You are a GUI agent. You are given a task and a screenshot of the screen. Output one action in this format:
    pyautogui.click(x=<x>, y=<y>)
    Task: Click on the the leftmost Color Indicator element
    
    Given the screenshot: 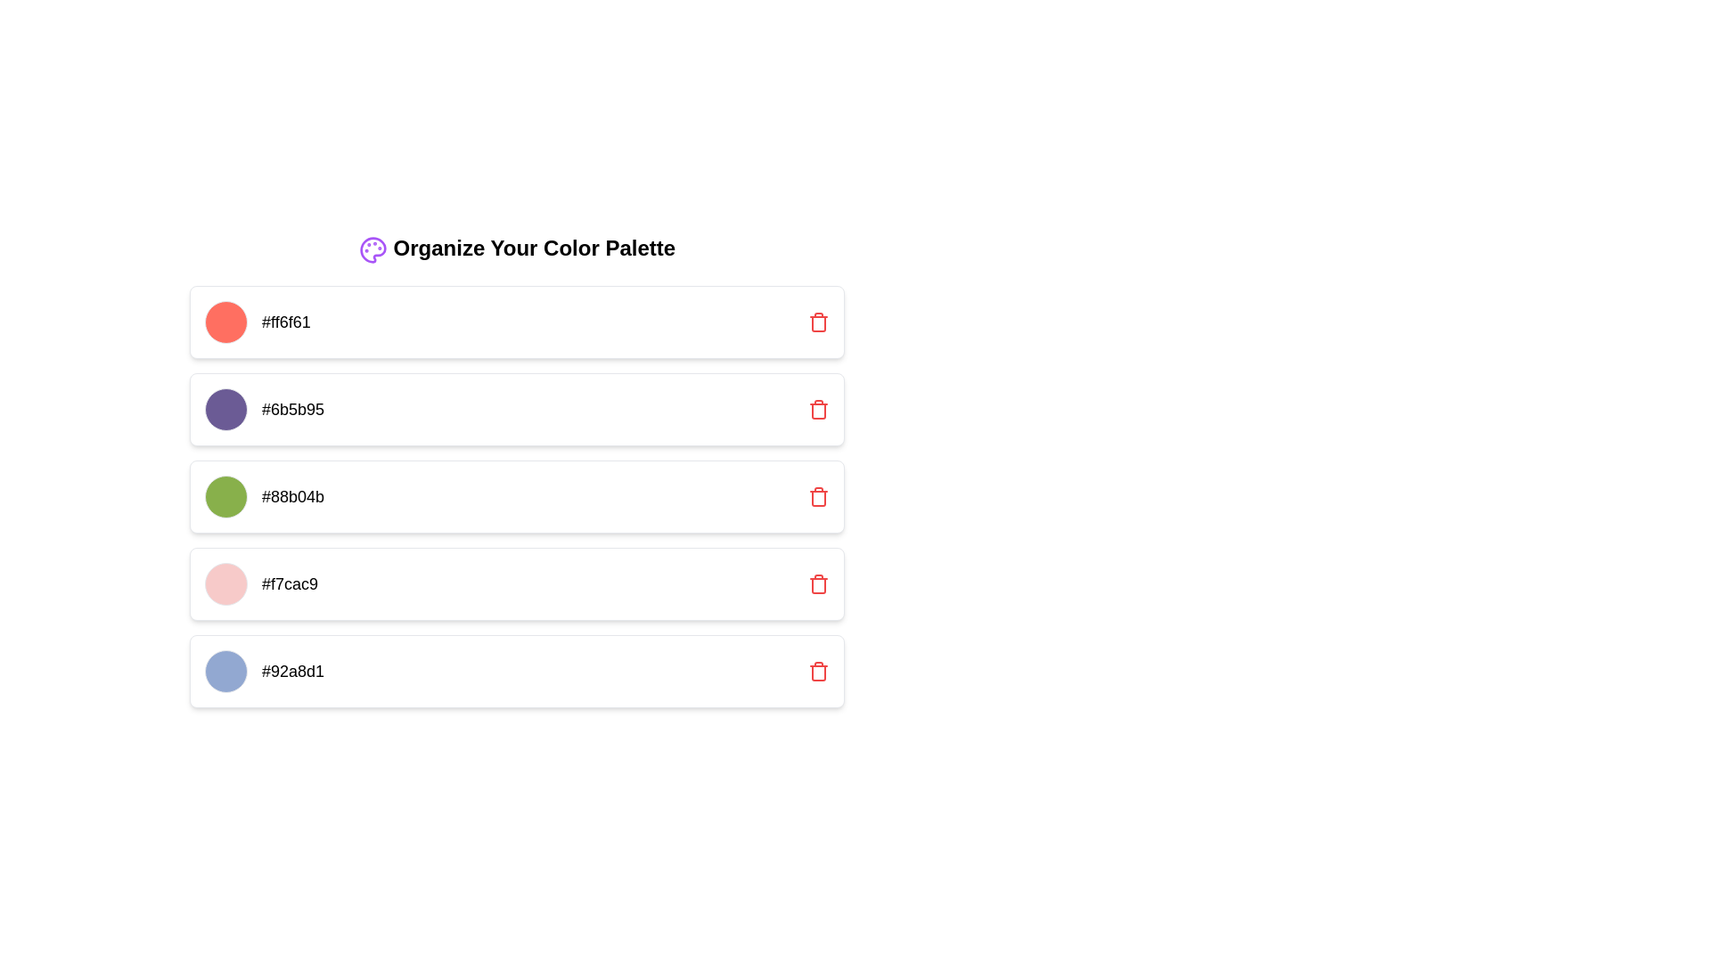 What is the action you would take?
    pyautogui.click(x=225, y=322)
    